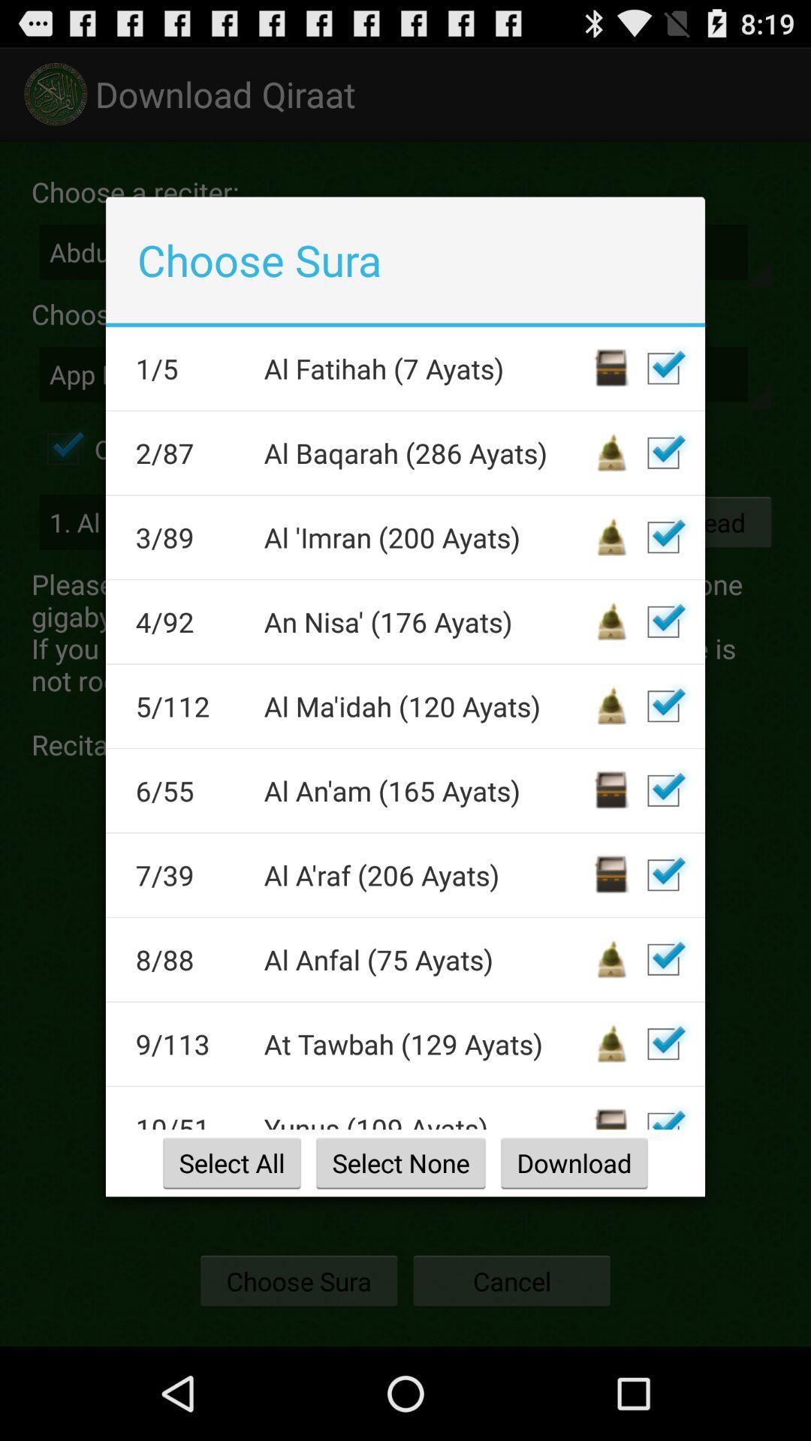  Describe the element at coordinates (189, 621) in the screenshot. I see `the 4/92 icon` at that location.